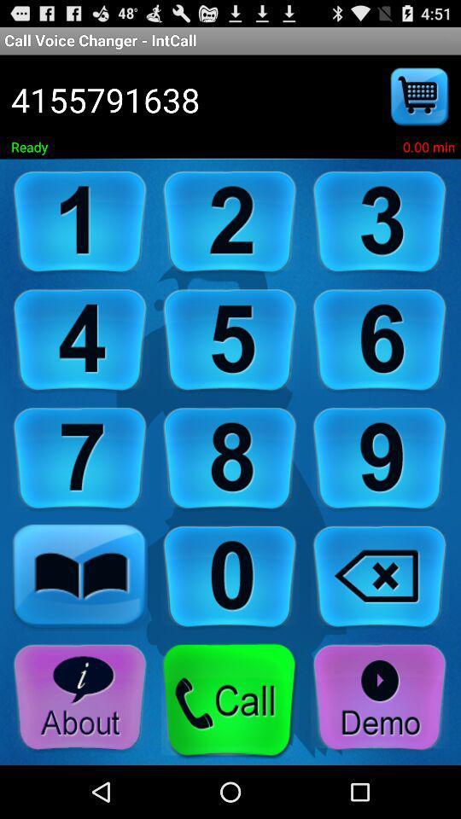 This screenshot has width=461, height=819. What do you see at coordinates (230, 222) in the screenshot?
I see `dial number 2` at bounding box center [230, 222].